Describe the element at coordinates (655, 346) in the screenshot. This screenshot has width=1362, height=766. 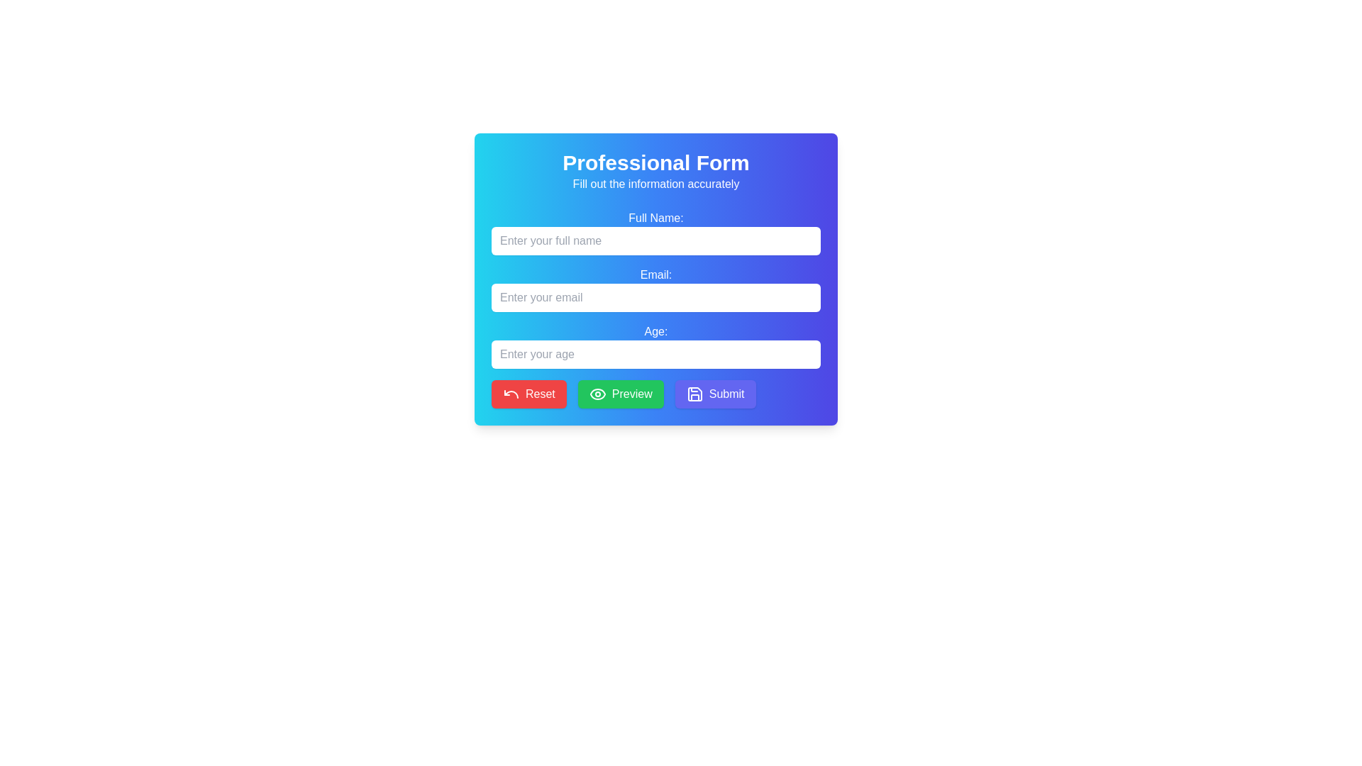
I see `the labeled text input field for numerical input, which is designed for users to enter their age` at that location.